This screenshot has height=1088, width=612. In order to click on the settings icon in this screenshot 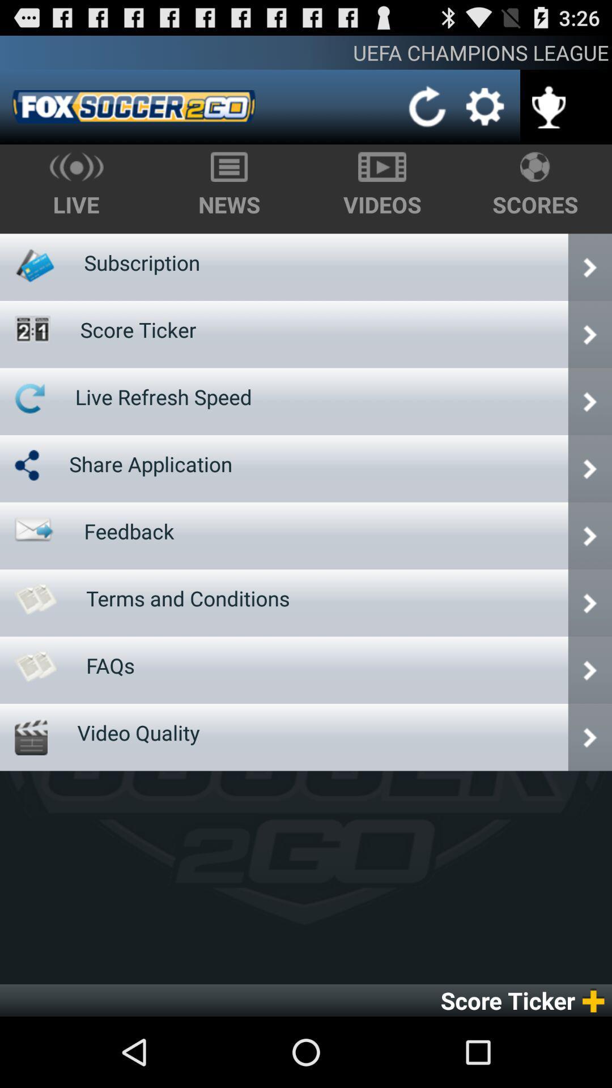, I will do `click(484, 114)`.